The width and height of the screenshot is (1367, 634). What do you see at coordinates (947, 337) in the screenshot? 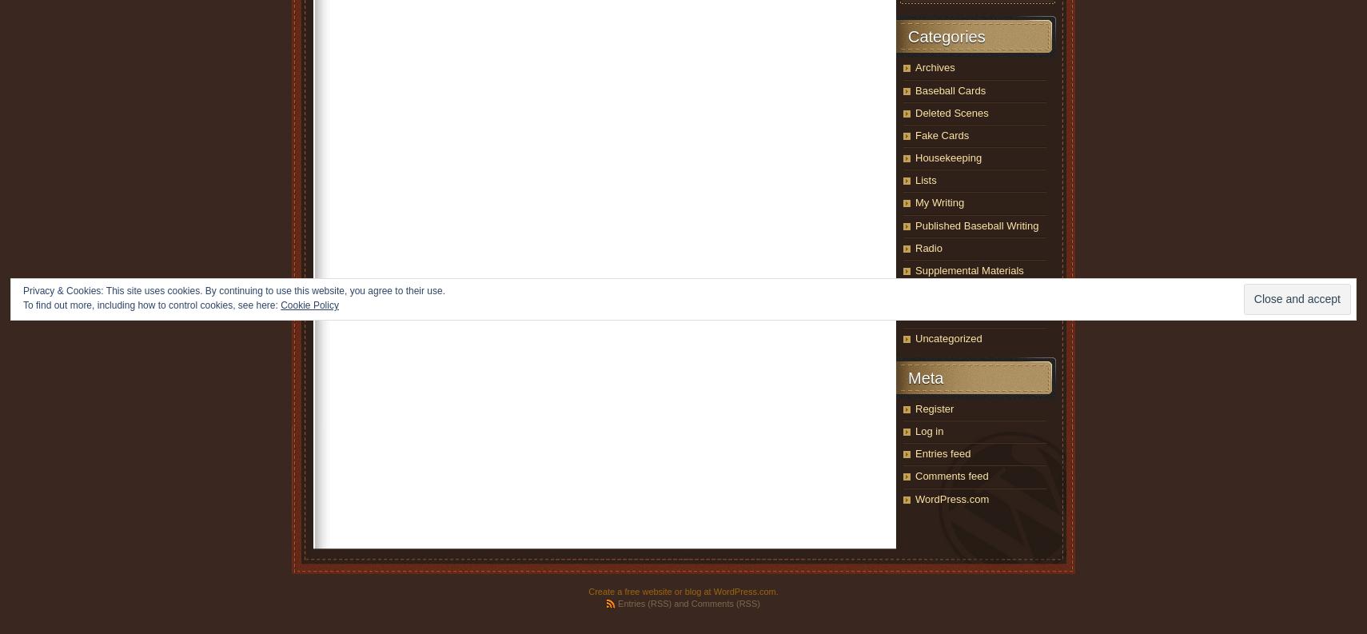
I see `'Uncategorized'` at bounding box center [947, 337].